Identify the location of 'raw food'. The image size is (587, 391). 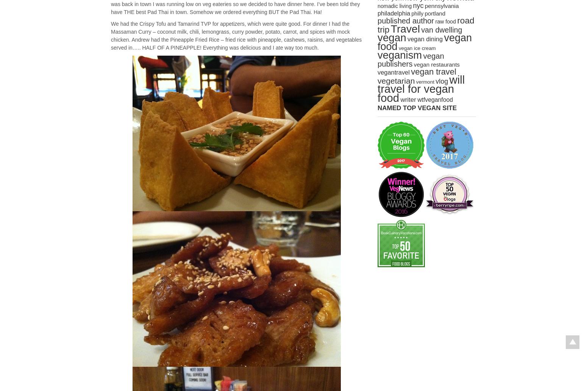
(445, 22).